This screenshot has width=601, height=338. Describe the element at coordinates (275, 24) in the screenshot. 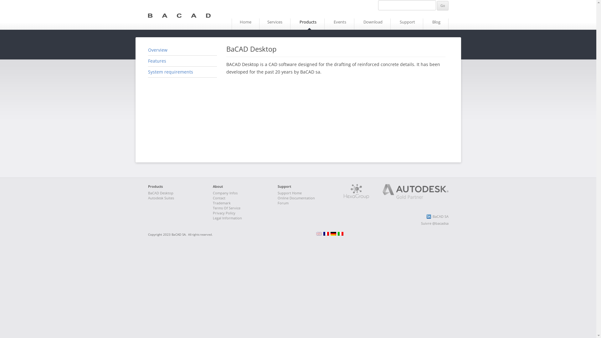

I see `'Services'` at that location.